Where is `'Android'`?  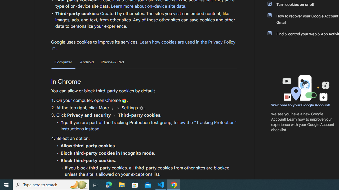
'Android' is located at coordinates (87, 62).